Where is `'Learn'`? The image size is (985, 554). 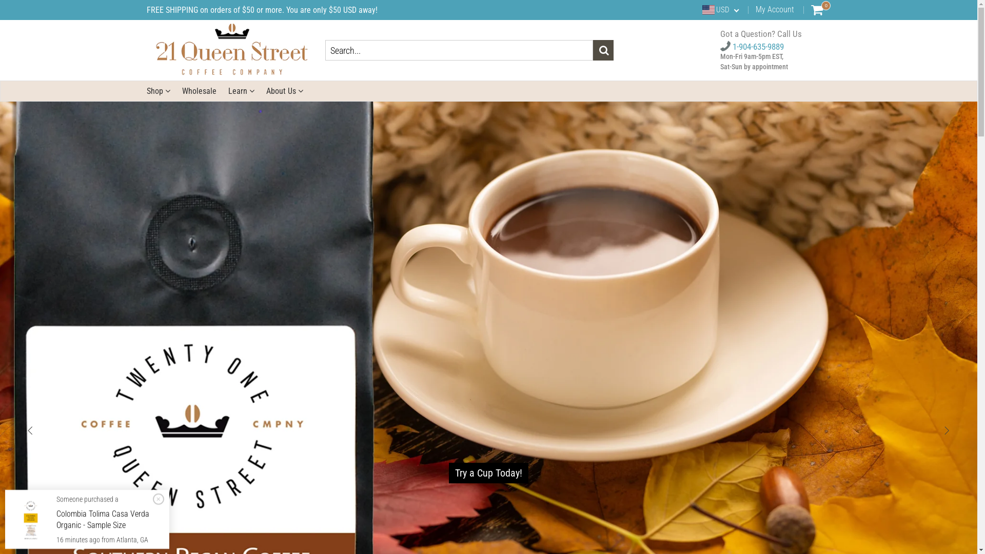 'Learn' is located at coordinates (240, 90).